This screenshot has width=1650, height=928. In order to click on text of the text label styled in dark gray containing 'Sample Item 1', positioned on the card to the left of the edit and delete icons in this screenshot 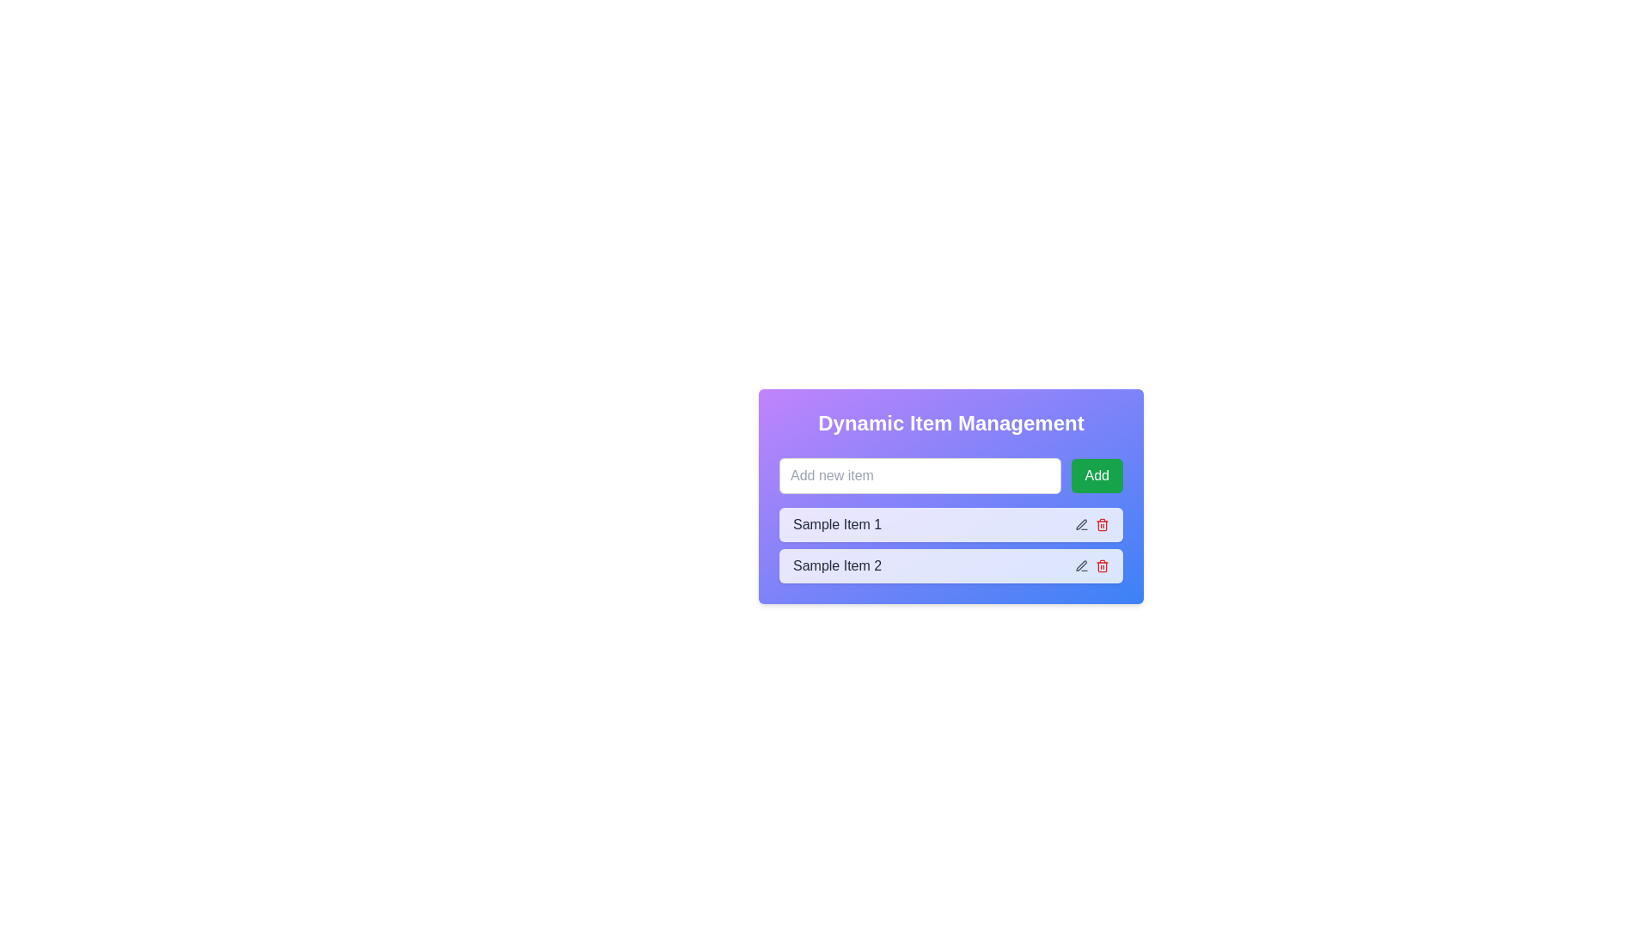, I will do `click(837, 523)`.